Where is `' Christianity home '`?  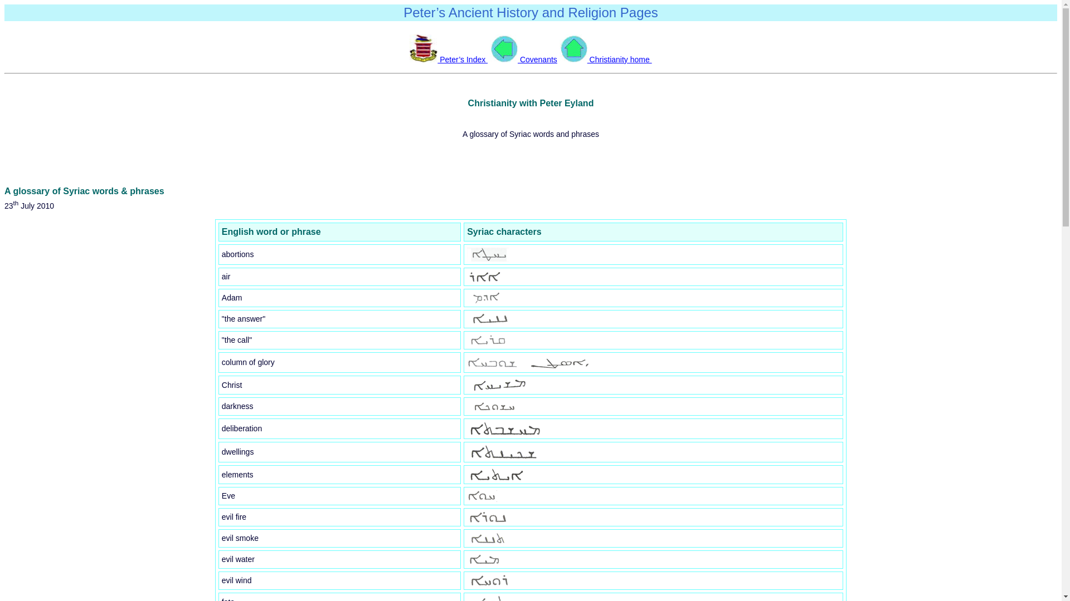 ' Christianity home ' is located at coordinates (559, 60).